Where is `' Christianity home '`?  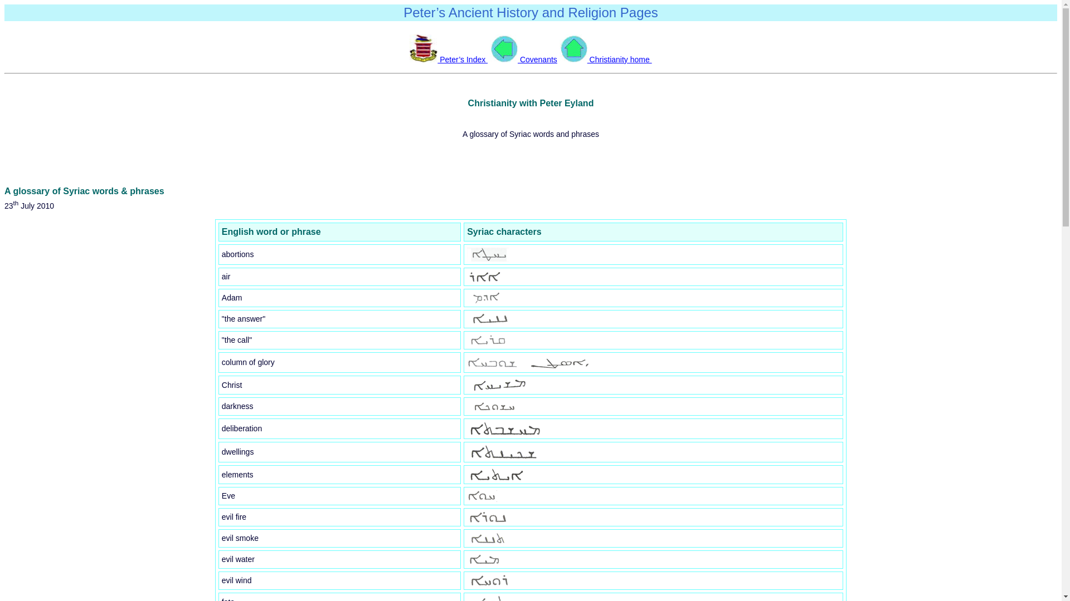 ' Christianity home ' is located at coordinates (559, 60).